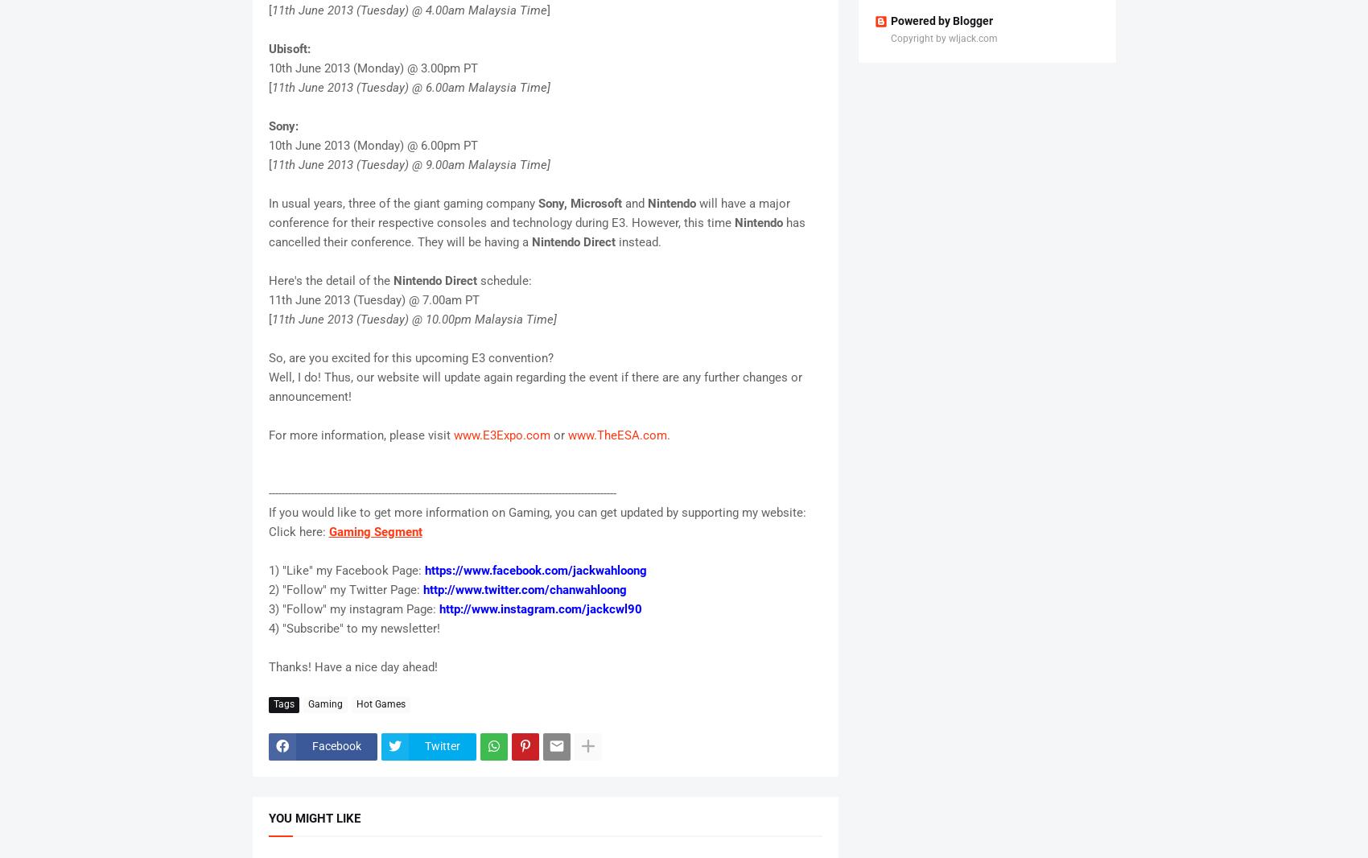 The height and width of the screenshot is (858, 1368). What do you see at coordinates (410, 163) in the screenshot?
I see `'11th June 2013 (Tuesday) @ 9.00am Malaysia Time]'` at bounding box center [410, 163].